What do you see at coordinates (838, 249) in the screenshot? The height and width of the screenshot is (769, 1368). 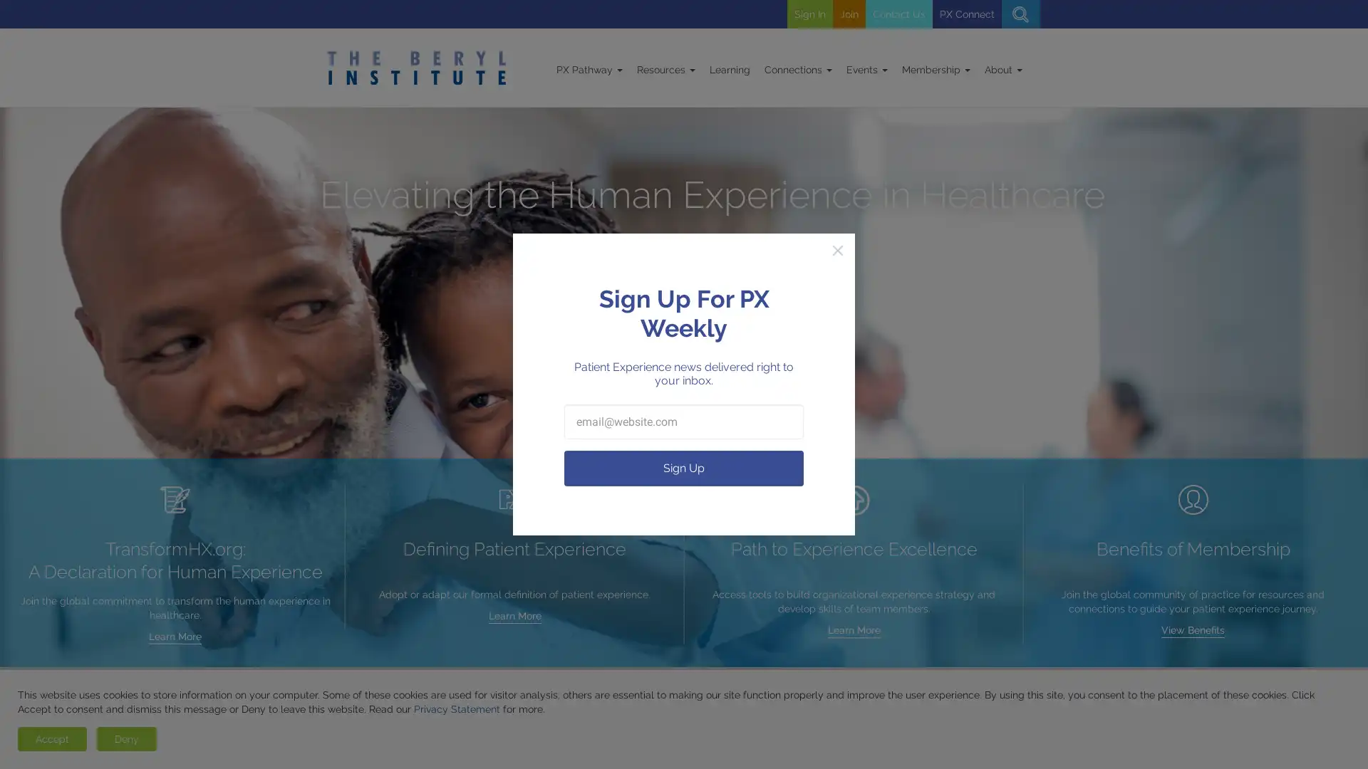 I see `Close` at bounding box center [838, 249].